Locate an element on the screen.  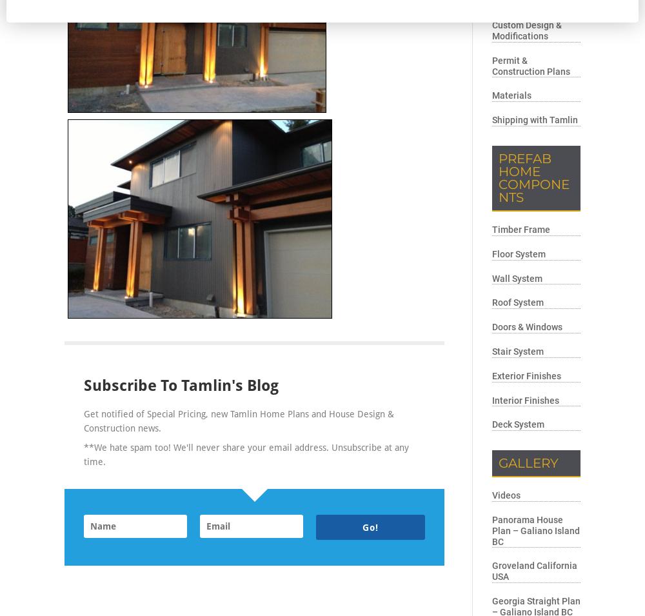
'Materials' is located at coordinates (511, 95).